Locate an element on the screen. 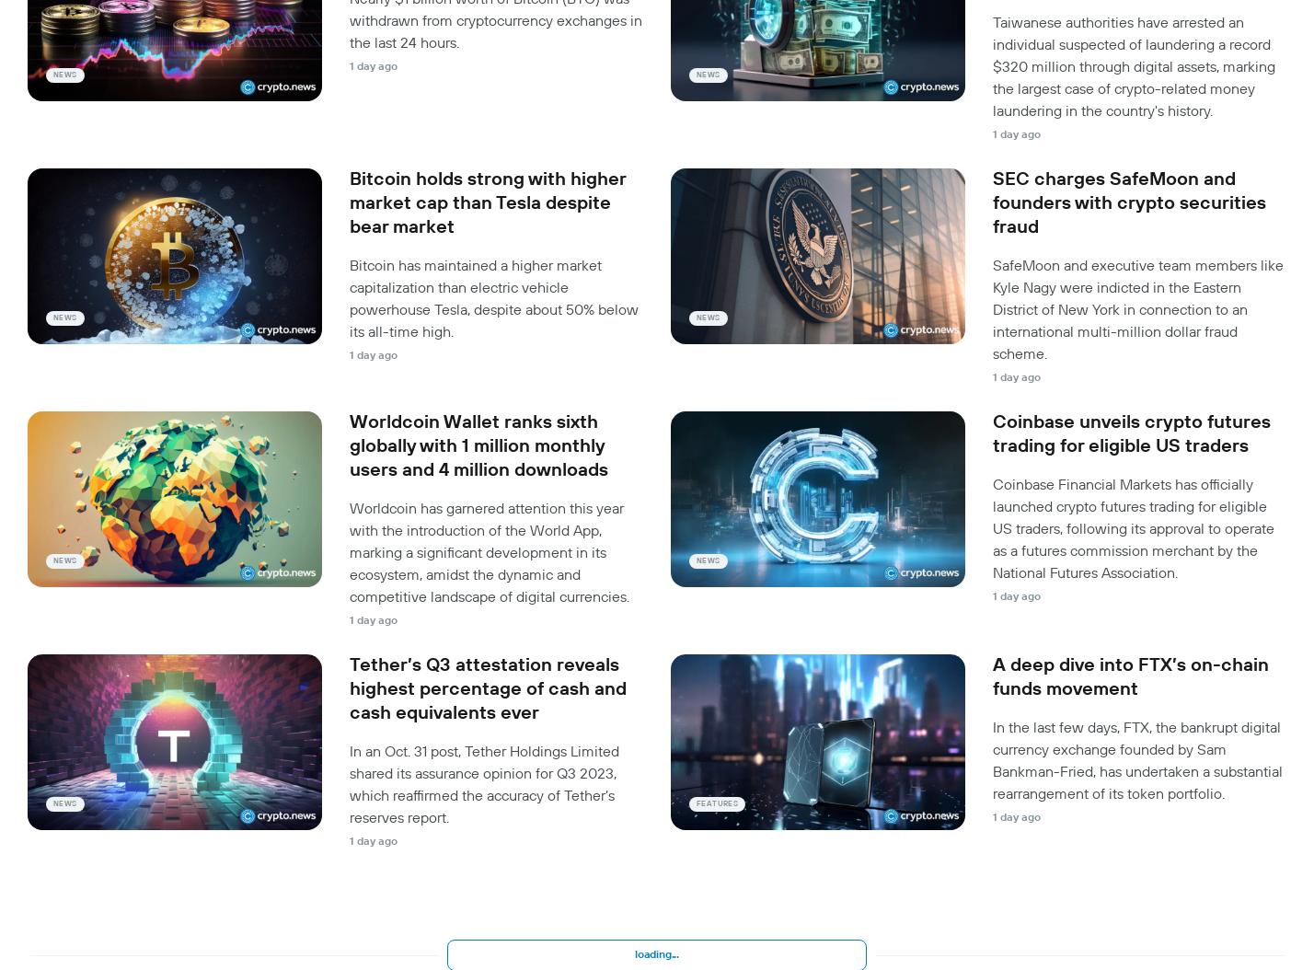  'Taiwanese authorities have arrested an individual suspected of laundering a record $320 million through digital assets, marking the largest case of crypto-related money laundering in the country's history.' is located at coordinates (1134, 64).